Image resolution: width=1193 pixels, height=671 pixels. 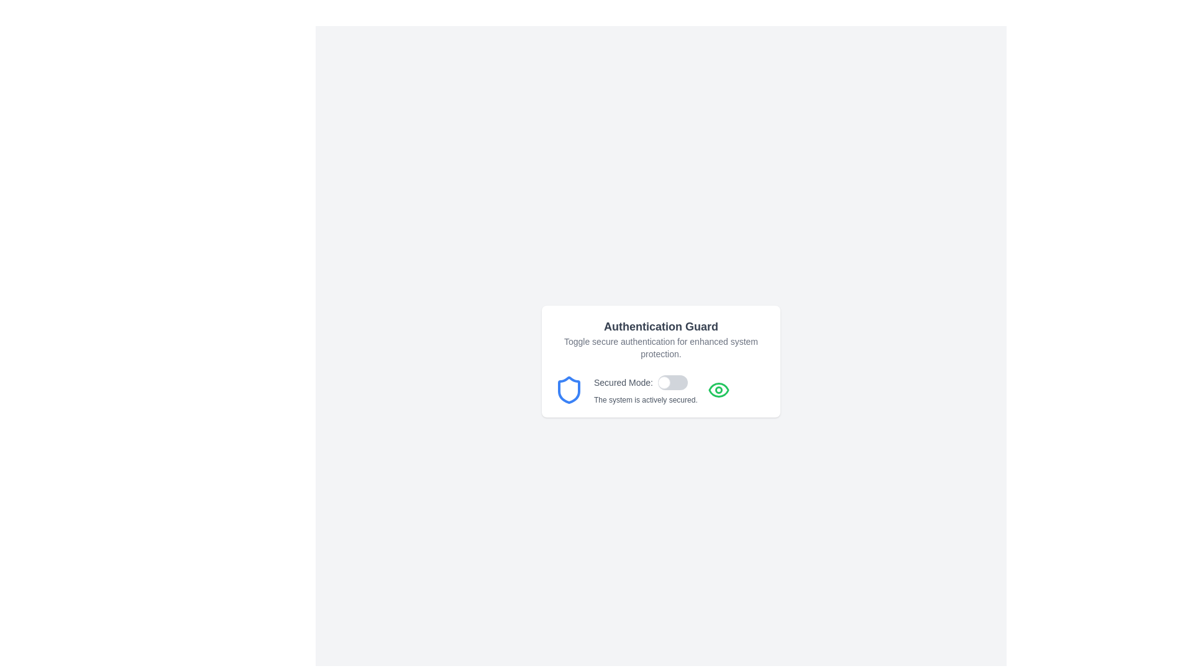 What do you see at coordinates (672, 382) in the screenshot?
I see `the knob of the horizontal toggle switch located` at bounding box center [672, 382].